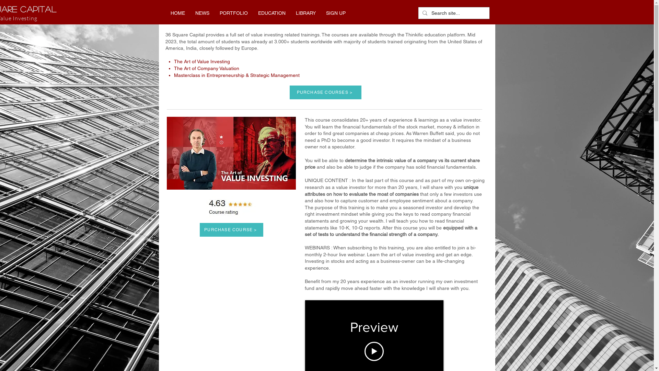 The image size is (659, 371). What do you see at coordinates (290, 92) in the screenshot?
I see `'PURCHASE COURSES >'` at bounding box center [290, 92].